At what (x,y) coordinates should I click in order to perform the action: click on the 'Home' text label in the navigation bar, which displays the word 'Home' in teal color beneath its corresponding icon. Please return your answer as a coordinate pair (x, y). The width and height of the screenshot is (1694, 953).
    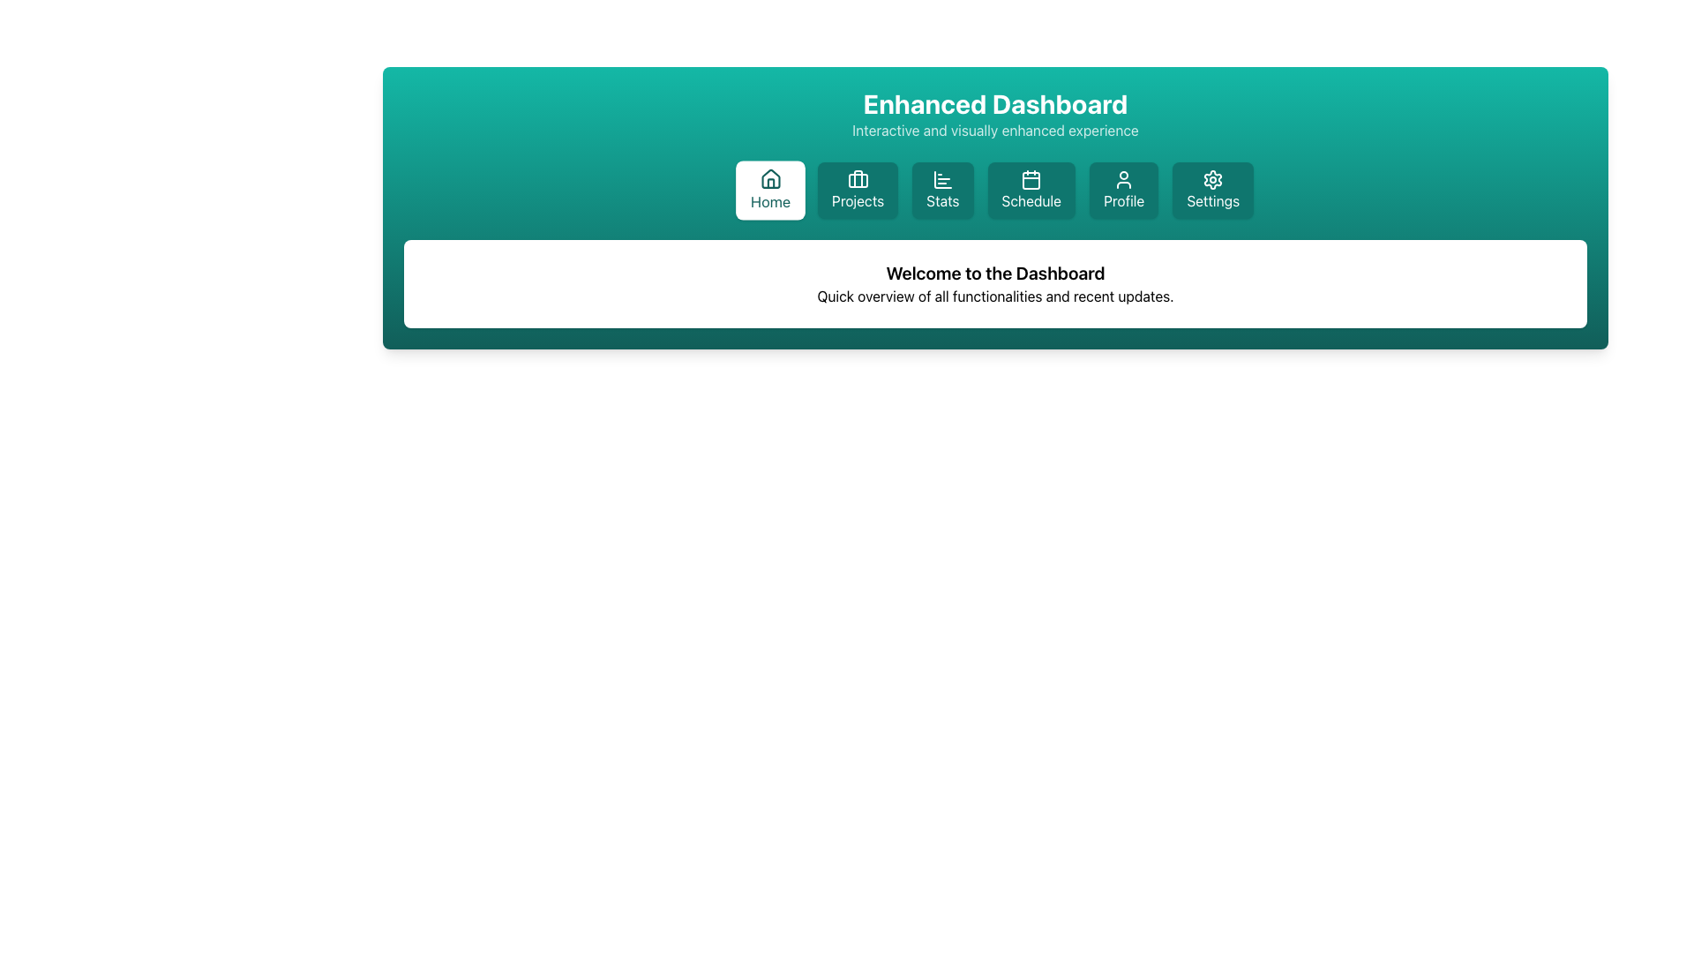
    Looking at the image, I should click on (770, 200).